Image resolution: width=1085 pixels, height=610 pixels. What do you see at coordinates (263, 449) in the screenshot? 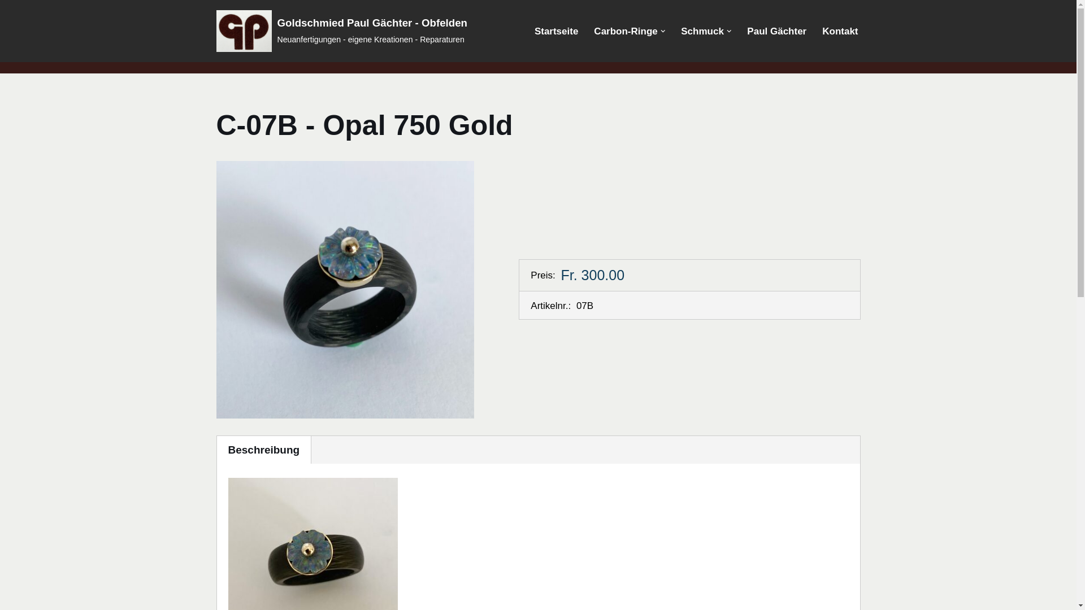
I see `'Beschreibung'` at bounding box center [263, 449].